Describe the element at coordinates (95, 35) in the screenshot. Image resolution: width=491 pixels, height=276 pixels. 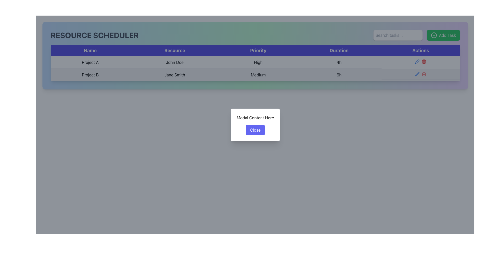
I see `text content of the header element situated at the top-left corner of the interface, indicating its primary function or content focus` at that location.